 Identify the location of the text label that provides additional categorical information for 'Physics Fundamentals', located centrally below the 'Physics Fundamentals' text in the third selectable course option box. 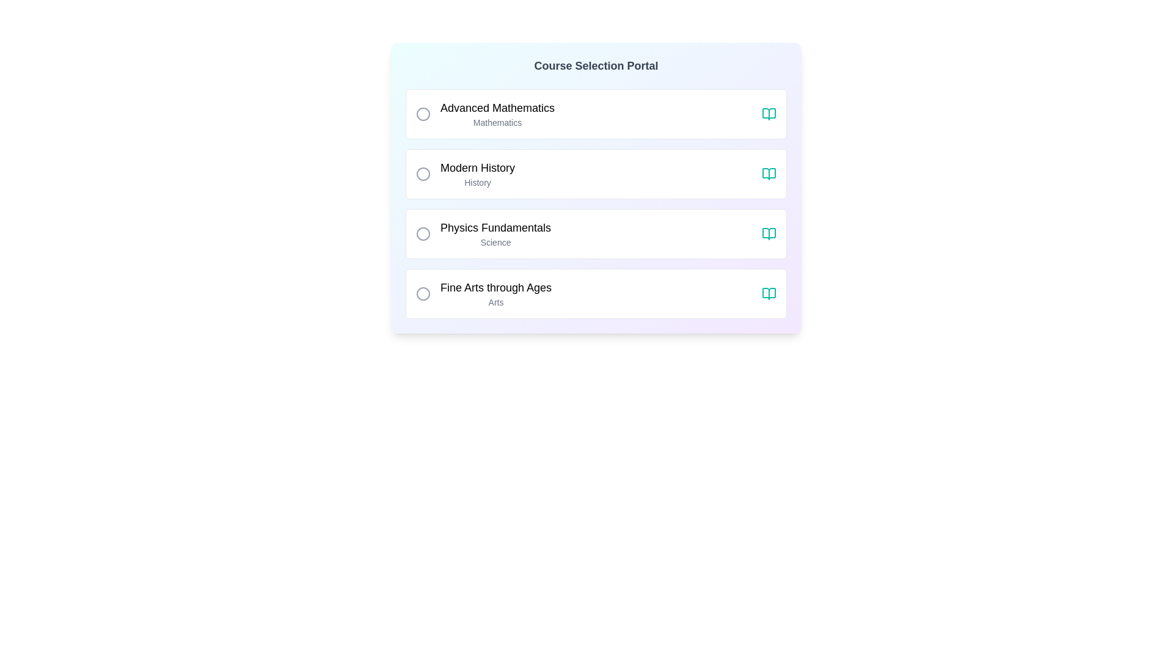
(495, 243).